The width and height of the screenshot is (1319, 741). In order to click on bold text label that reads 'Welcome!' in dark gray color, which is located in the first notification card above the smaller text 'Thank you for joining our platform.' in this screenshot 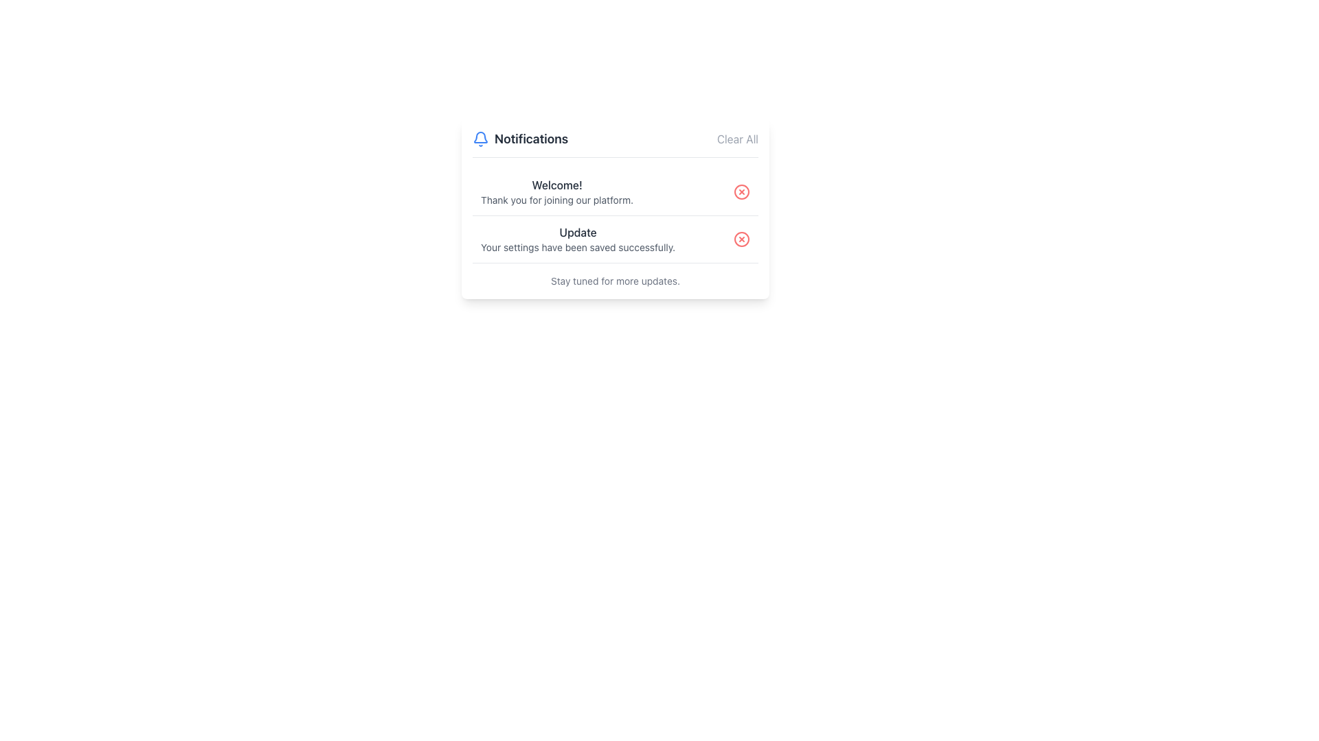, I will do `click(557, 185)`.